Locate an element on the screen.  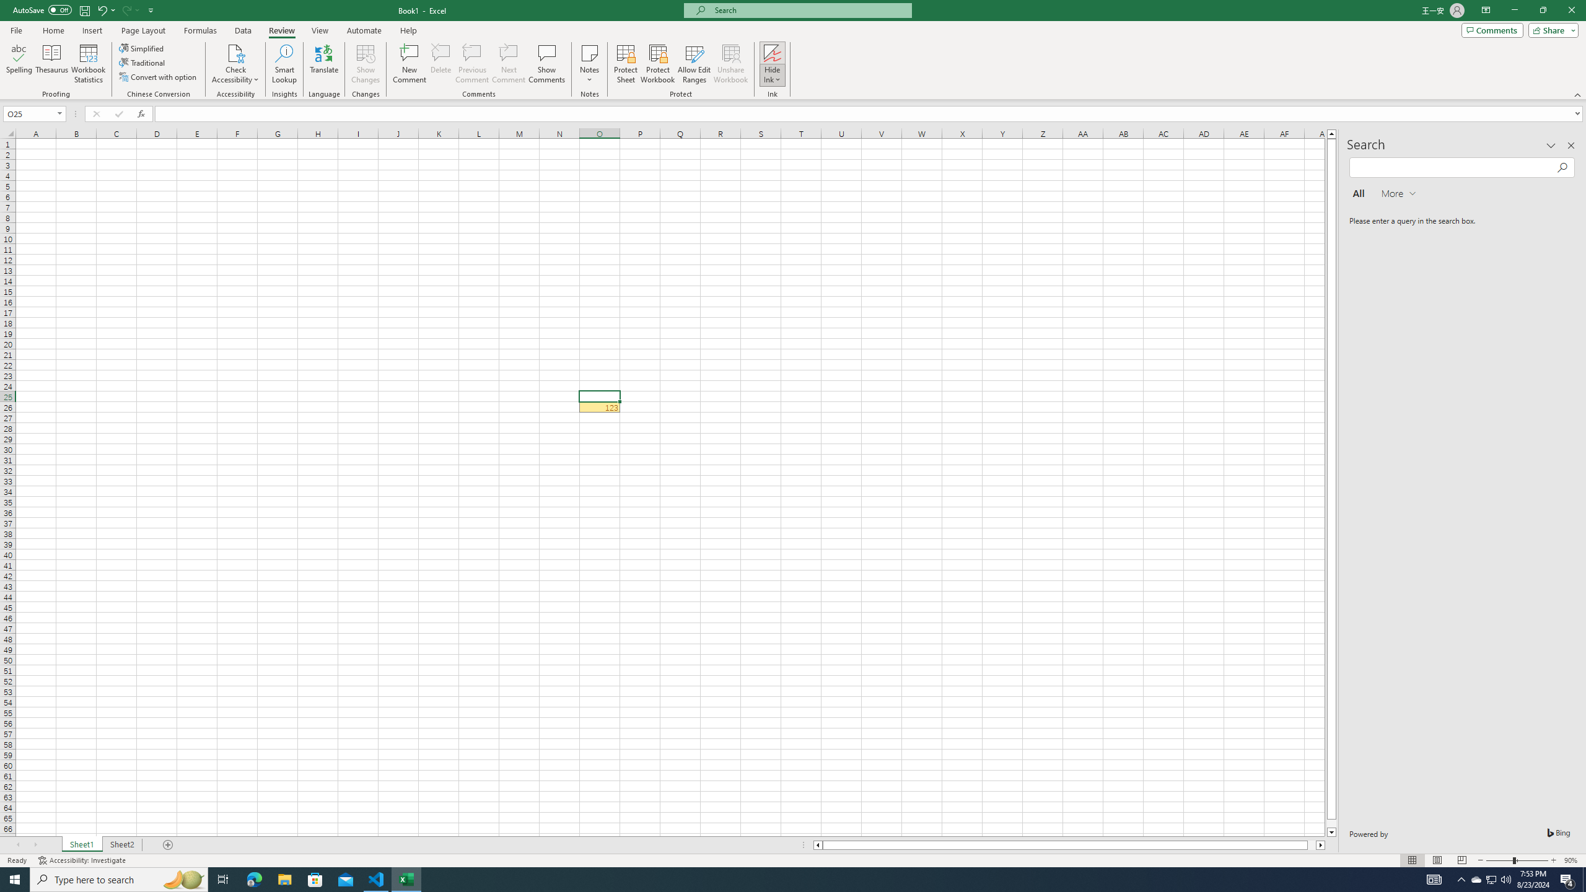
'Close' is located at coordinates (1571, 10).